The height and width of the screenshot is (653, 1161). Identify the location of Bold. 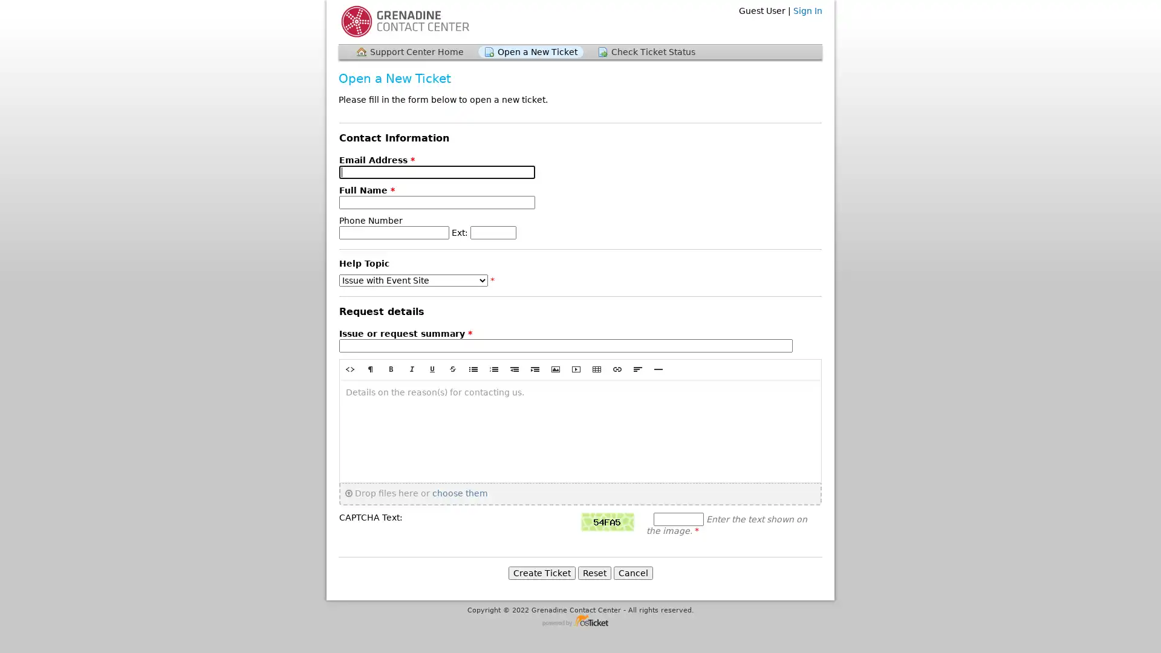
(391, 368).